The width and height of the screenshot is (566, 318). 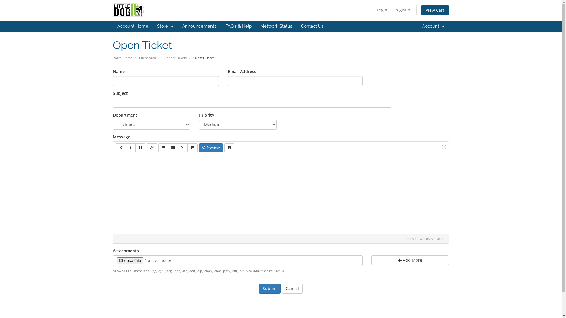 What do you see at coordinates (153, 26) in the screenshot?
I see `'Store  '` at bounding box center [153, 26].